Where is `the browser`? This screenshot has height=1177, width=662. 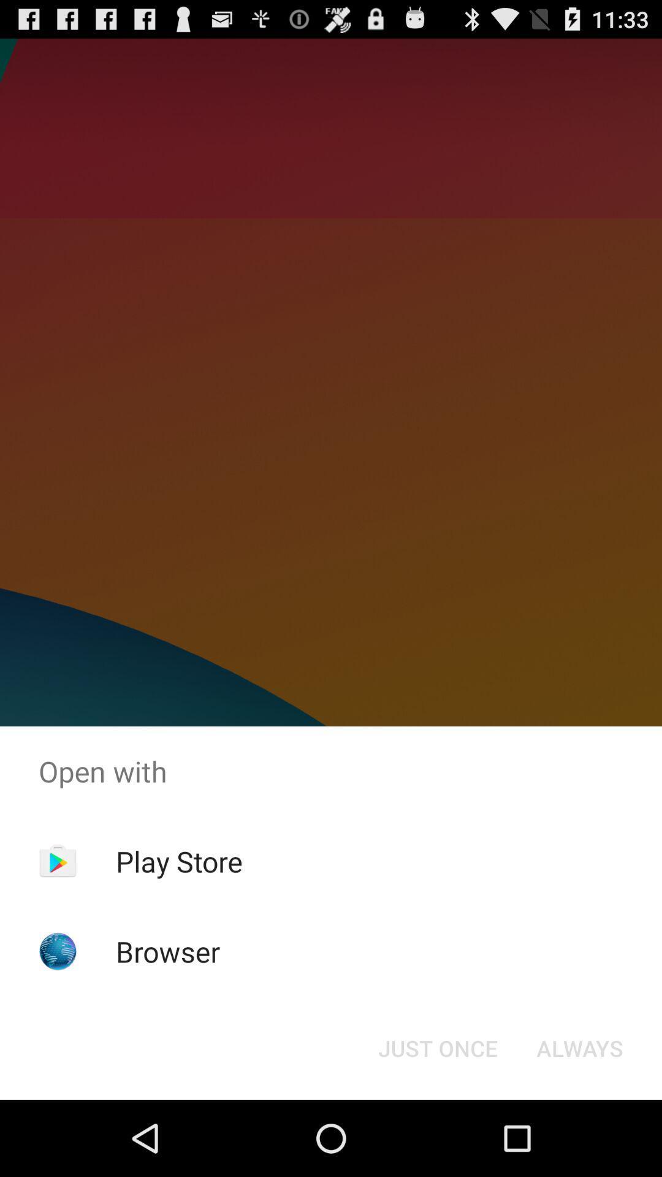
the browser is located at coordinates (168, 951).